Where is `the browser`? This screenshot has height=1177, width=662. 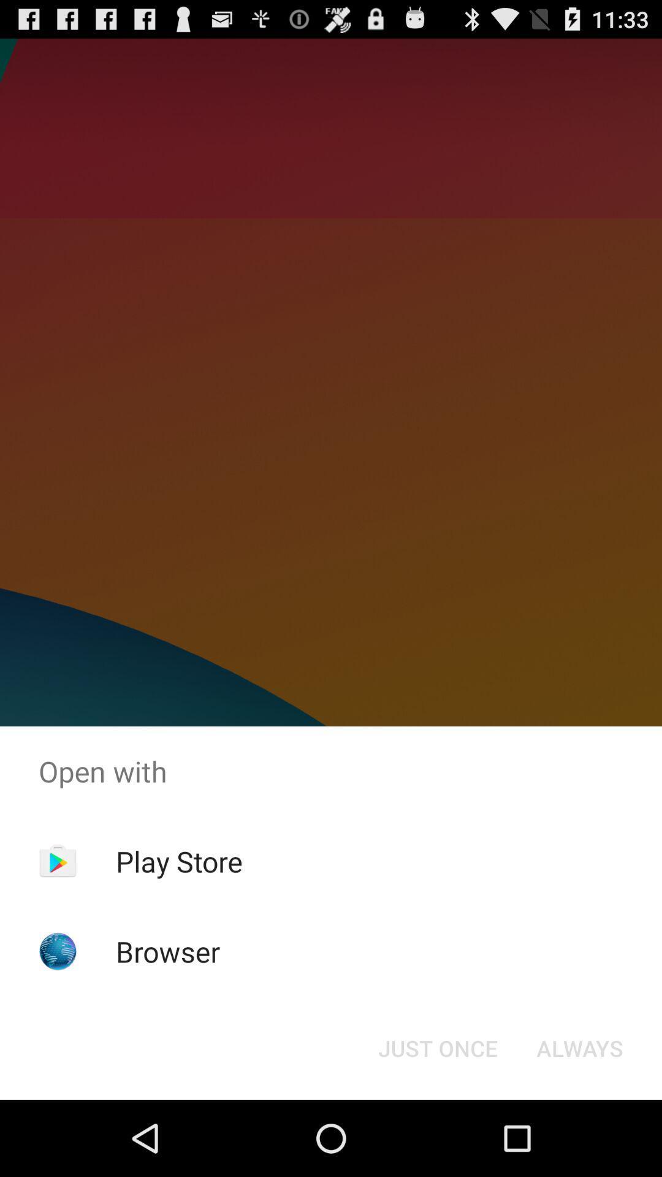
the browser is located at coordinates (168, 951).